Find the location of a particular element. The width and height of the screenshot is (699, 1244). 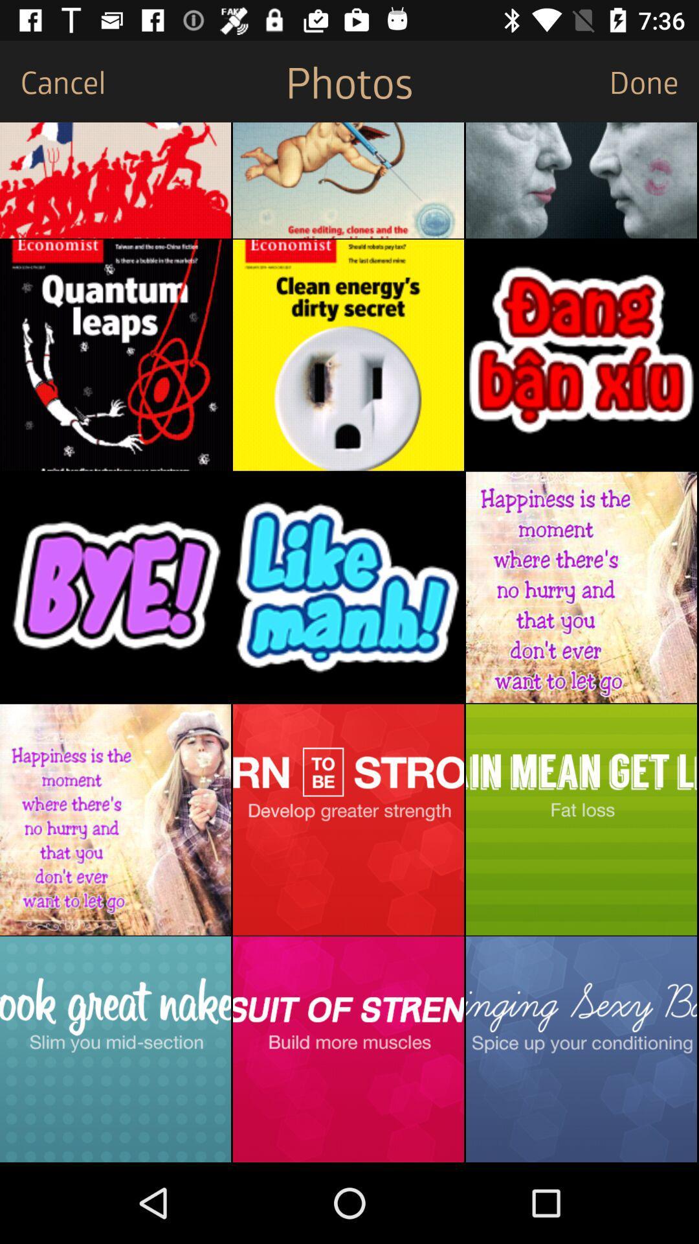

image folder is located at coordinates (581, 819).